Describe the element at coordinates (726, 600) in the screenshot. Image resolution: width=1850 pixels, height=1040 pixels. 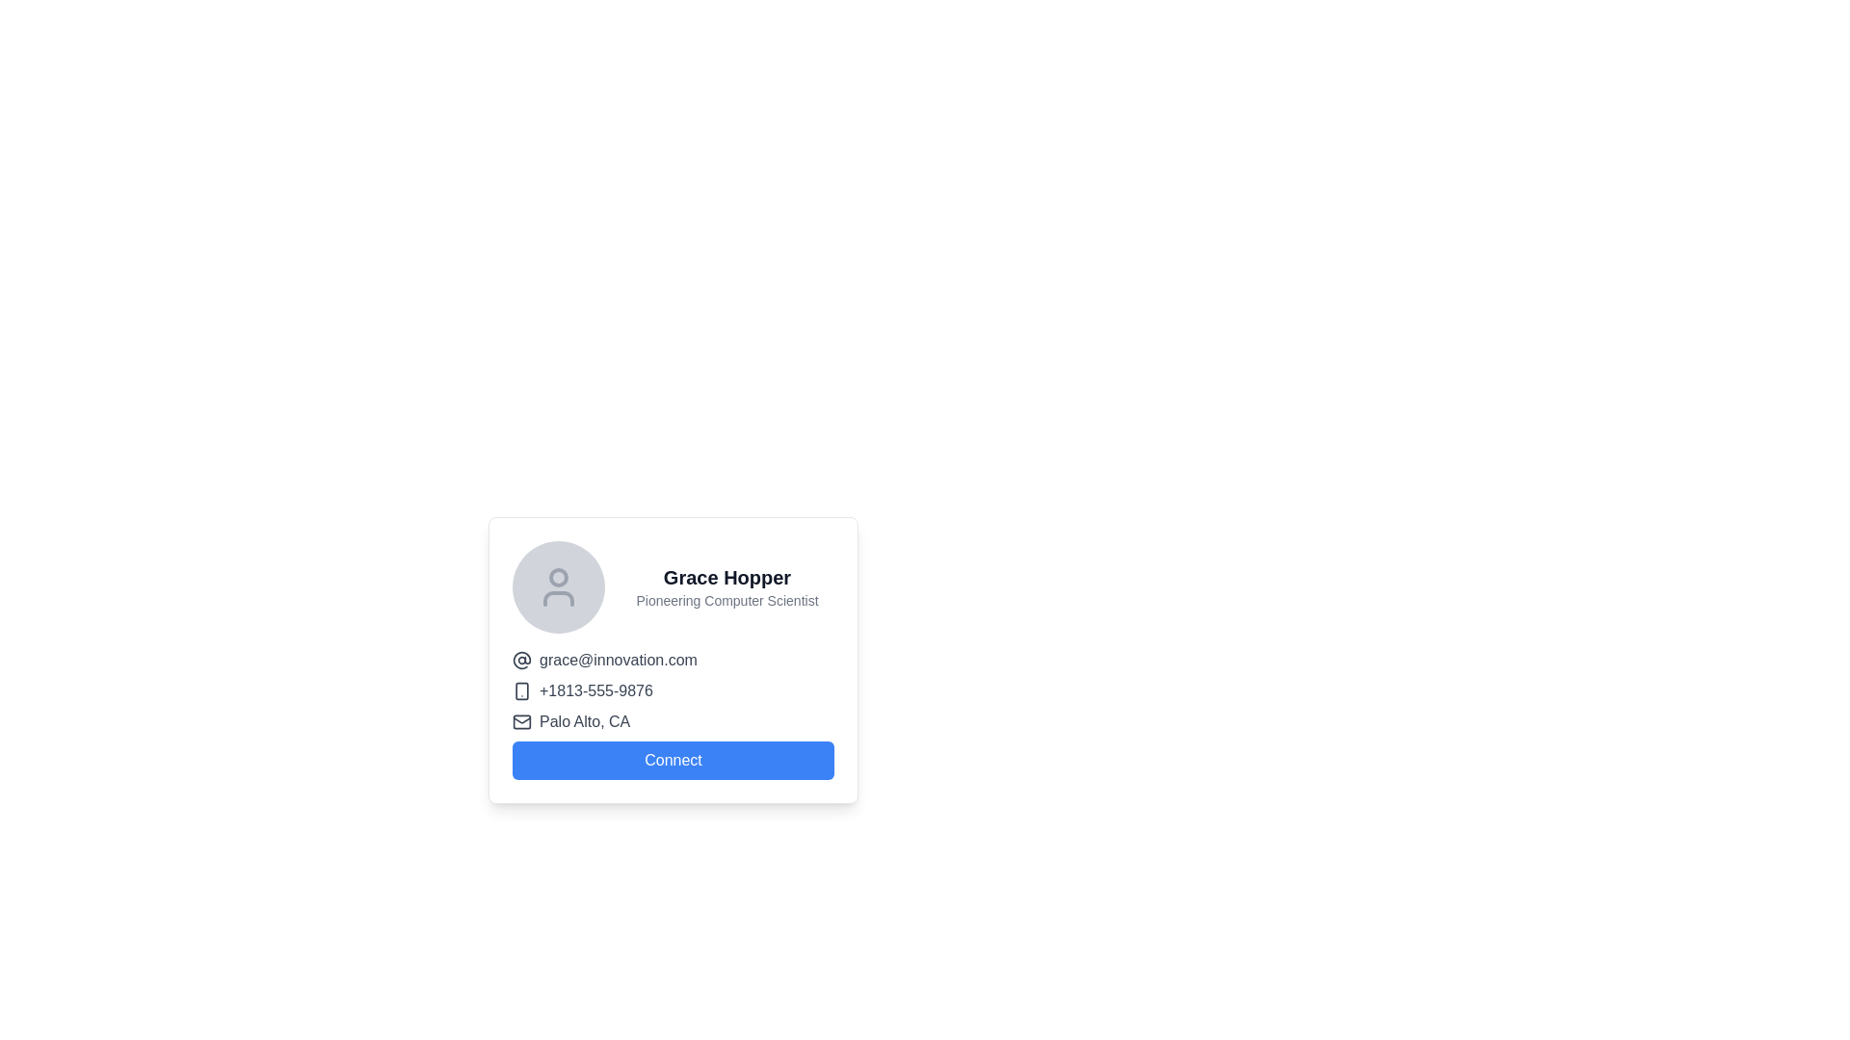
I see `the Text Label that displays 'Pioneering Computer Scientist', which is styled in a small-sized, gray font and located directly underneath the bold 'Grace Hopper' title in the profile card layout` at that location.